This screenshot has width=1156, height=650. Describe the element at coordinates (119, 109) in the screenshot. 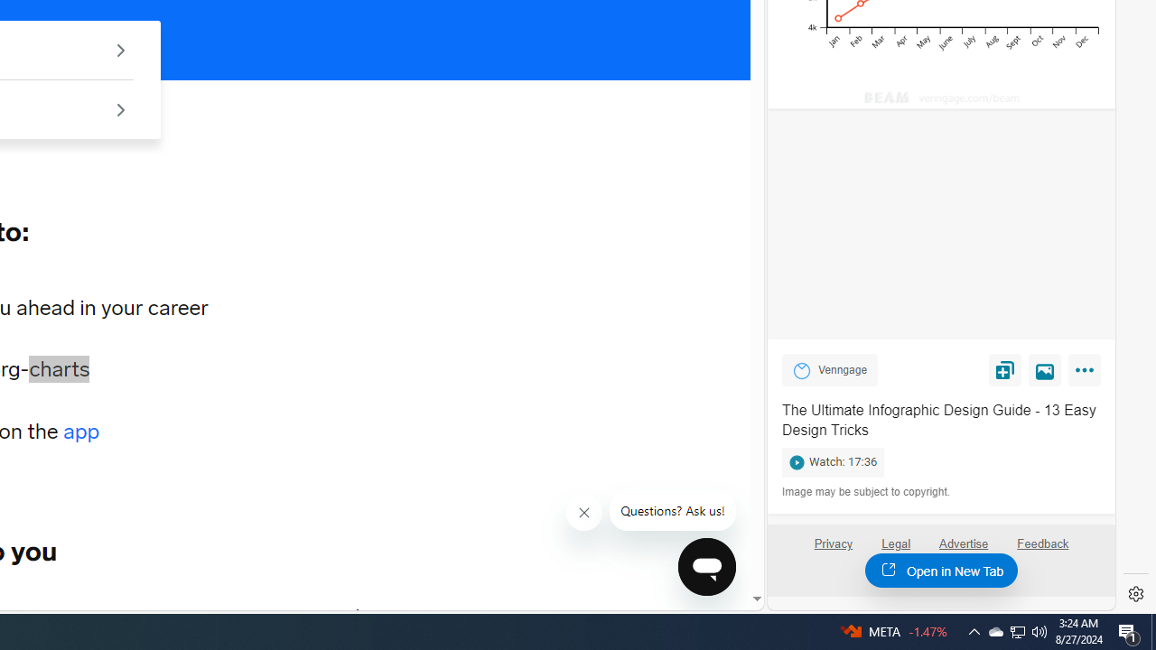

I see `'See group offers'` at that location.